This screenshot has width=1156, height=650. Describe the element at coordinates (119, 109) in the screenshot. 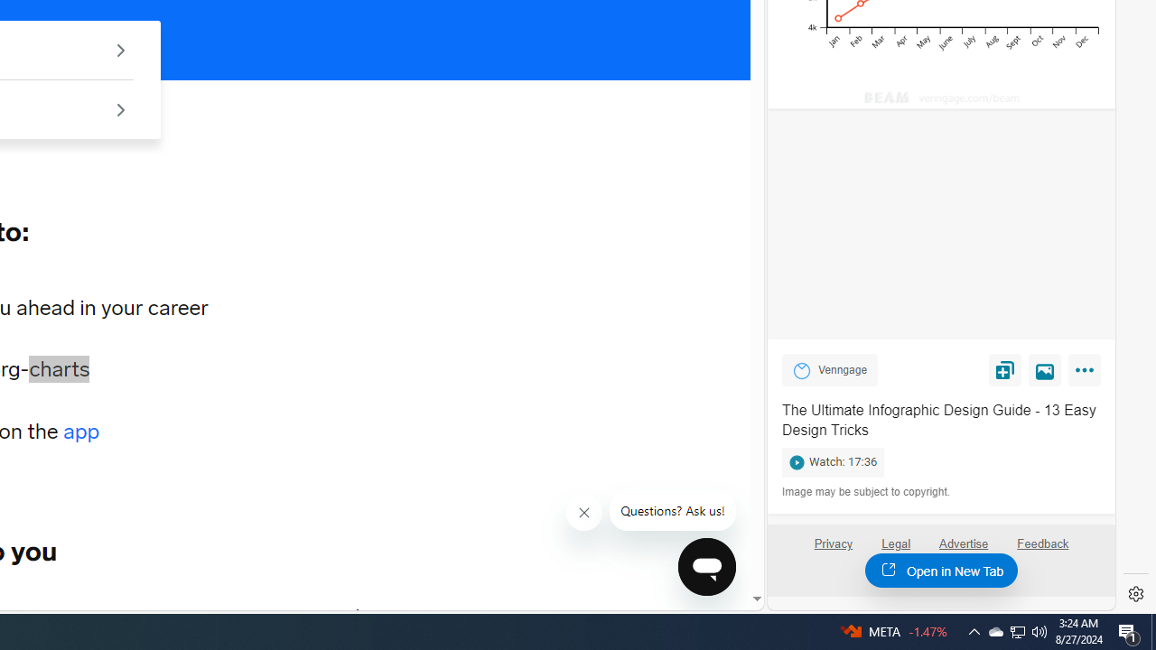

I see `'See group offers'` at that location.